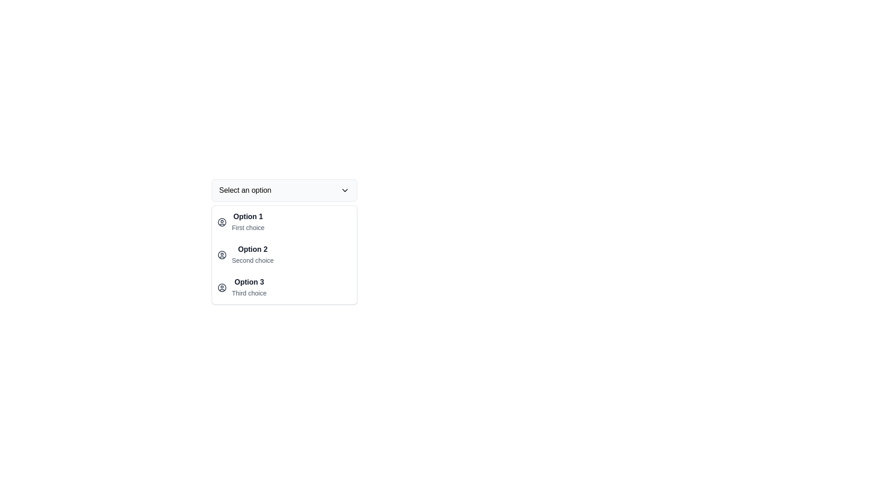 The width and height of the screenshot is (874, 491). What do you see at coordinates (284, 287) in the screenshot?
I see `the 'Option 3' list item in the dropdown menu` at bounding box center [284, 287].